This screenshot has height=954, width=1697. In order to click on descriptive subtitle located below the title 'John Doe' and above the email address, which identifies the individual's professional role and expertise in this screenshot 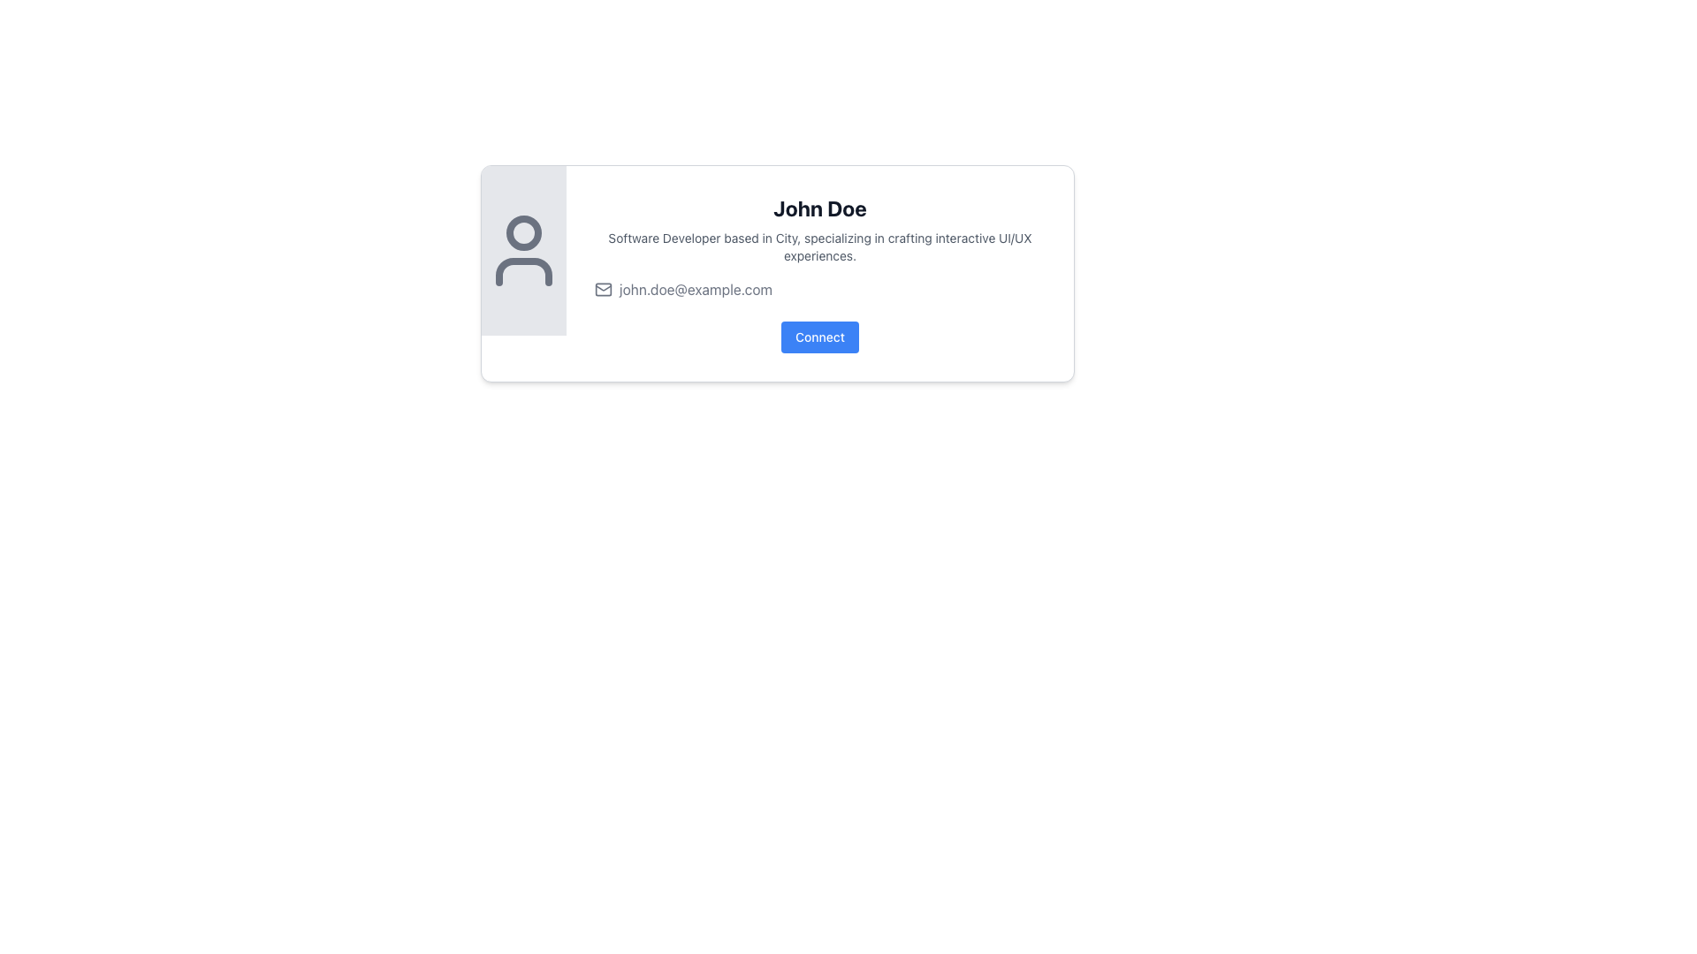, I will do `click(818, 247)`.